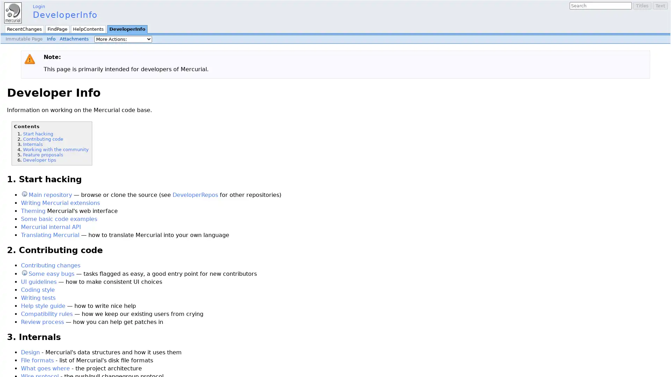 The height and width of the screenshot is (377, 671). Describe the element at coordinates (660, 6) in the screenshot. I see `Text` at that location.